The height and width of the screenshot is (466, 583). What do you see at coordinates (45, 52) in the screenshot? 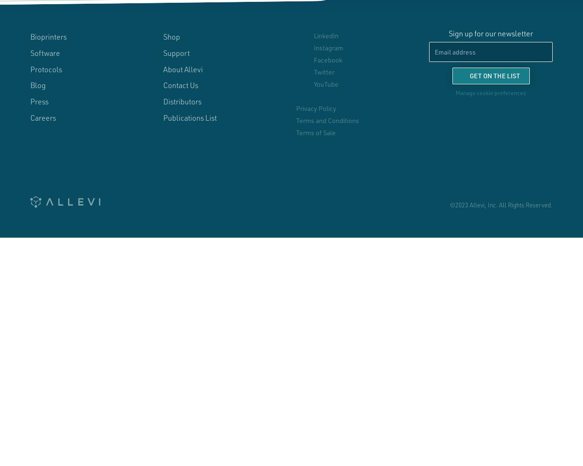
I see `'Software'` at bounding box center [45, 52].